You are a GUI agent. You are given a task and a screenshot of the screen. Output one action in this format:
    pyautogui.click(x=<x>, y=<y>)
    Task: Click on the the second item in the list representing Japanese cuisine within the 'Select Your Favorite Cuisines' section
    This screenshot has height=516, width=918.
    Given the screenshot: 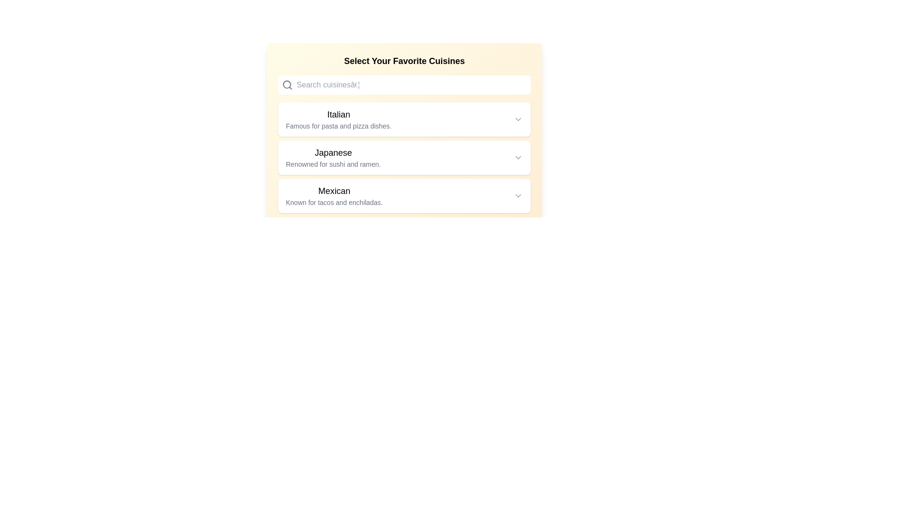 What is the action you would take?
    pyautogui.click(x=404, y=157)
    